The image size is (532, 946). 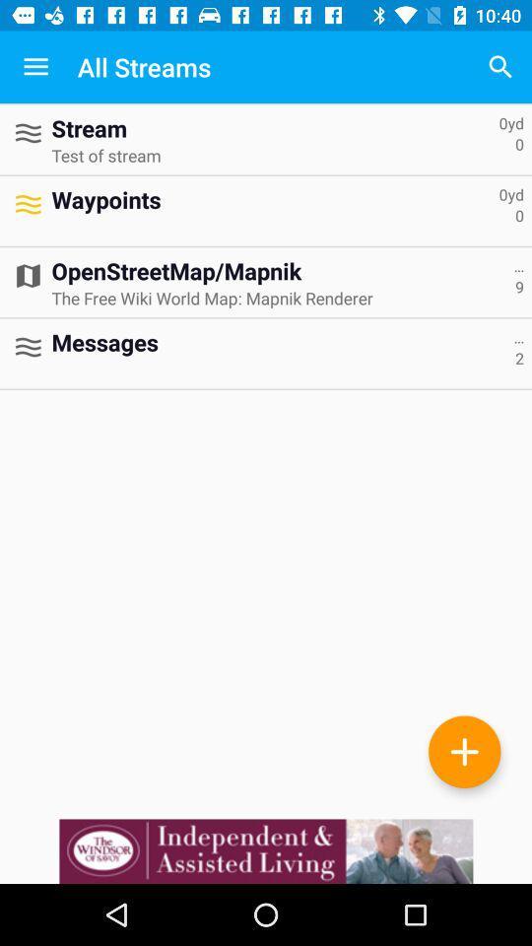 I want to click on click advertisement, so click(x=266, y=850).